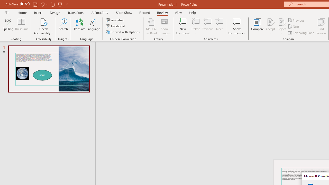 This screenshot has height=185, width=329. Describe the element at coordinates (115, 26) in the screenshot. I see `'Traditional'` at that location.